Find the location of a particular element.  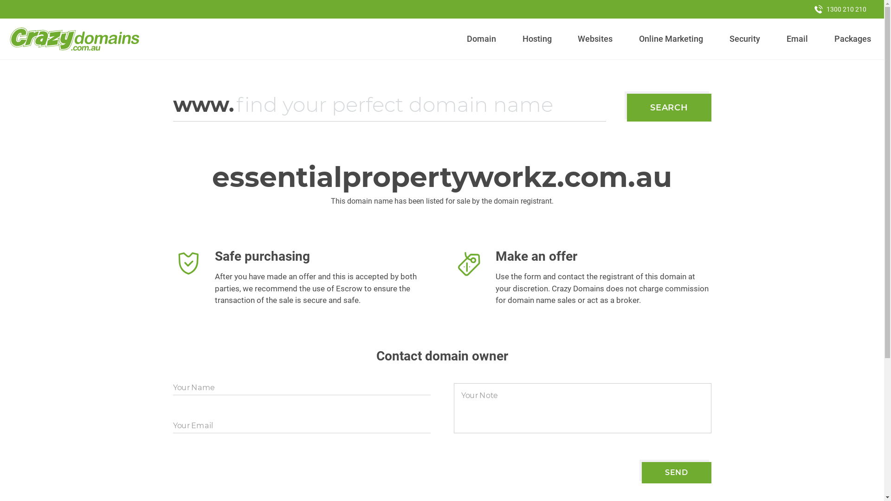

'Online Marketing' is located at coordinates (671, 39).